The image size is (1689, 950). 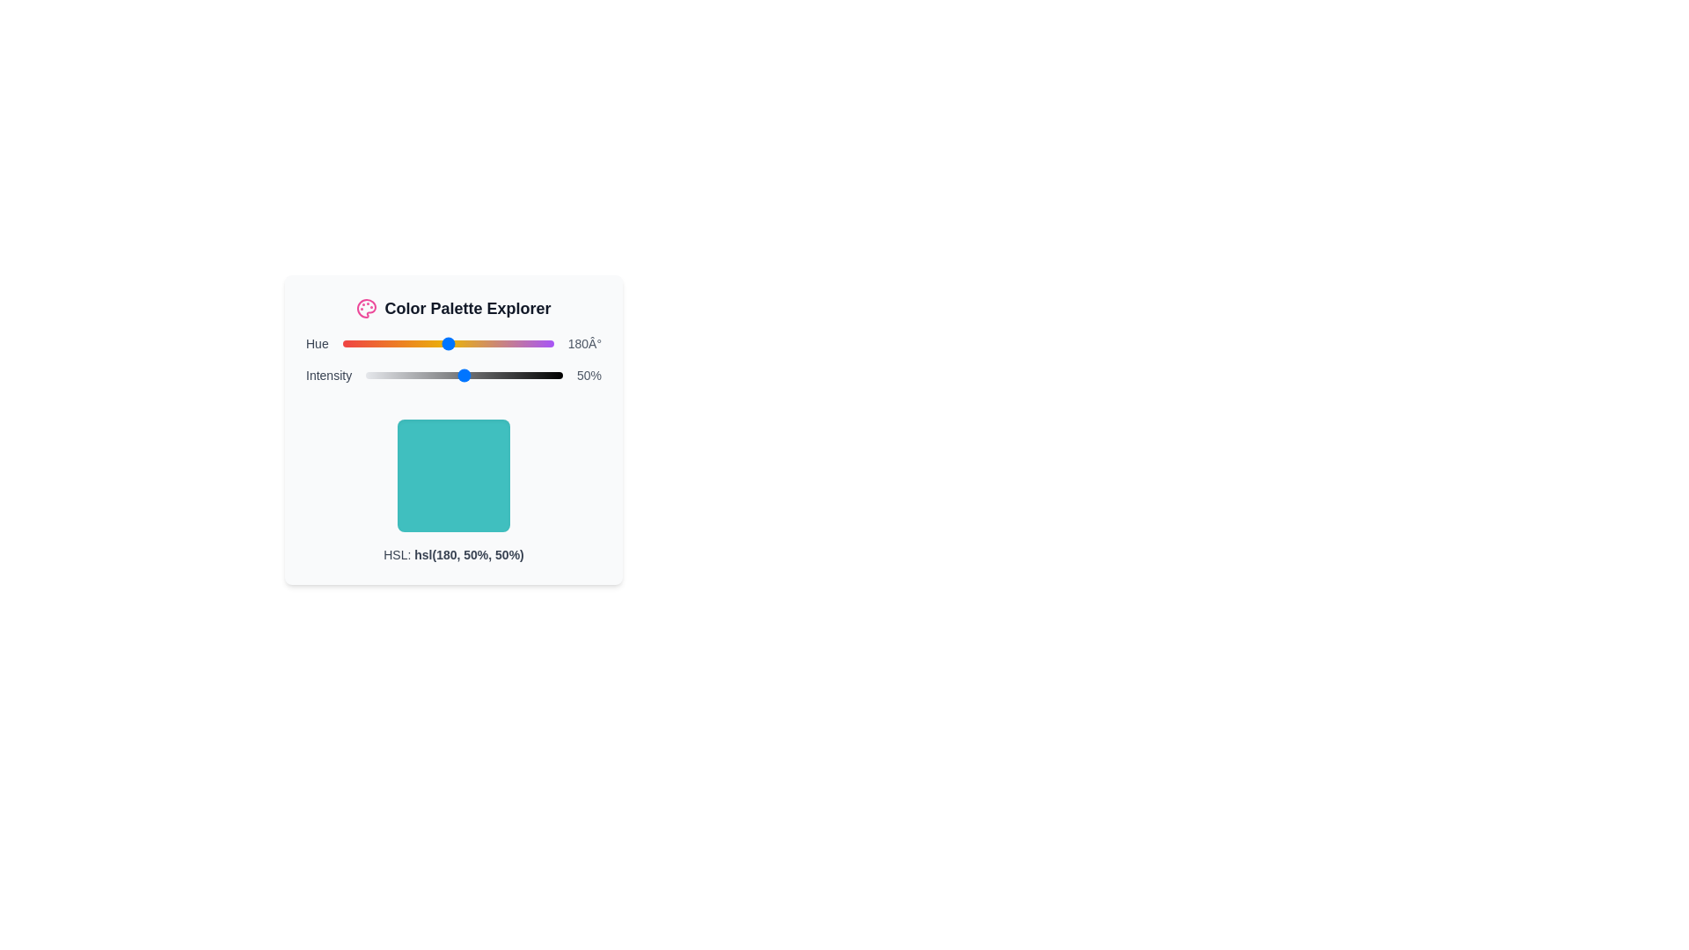 I want to click on the hue slider to set its value to 262, so click(x=495, y=343).